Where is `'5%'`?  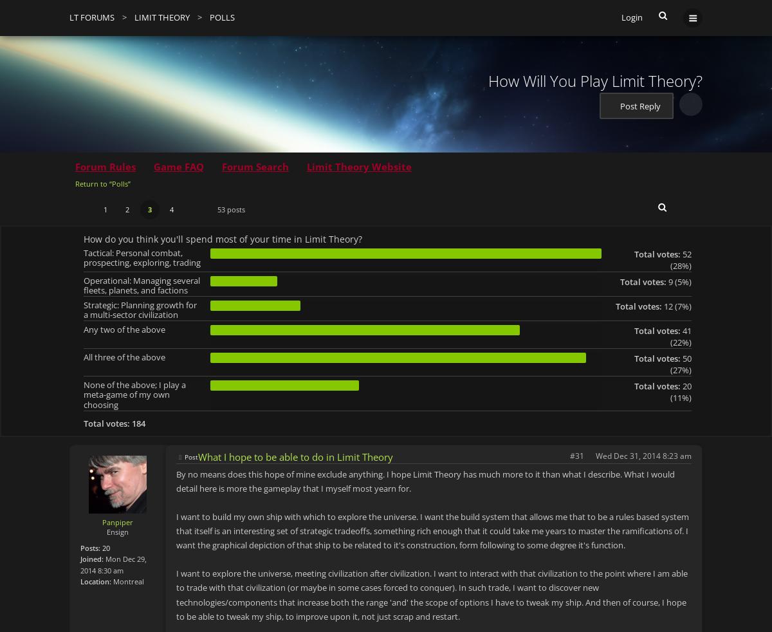 '5%' is located at coordinates (677, 281).